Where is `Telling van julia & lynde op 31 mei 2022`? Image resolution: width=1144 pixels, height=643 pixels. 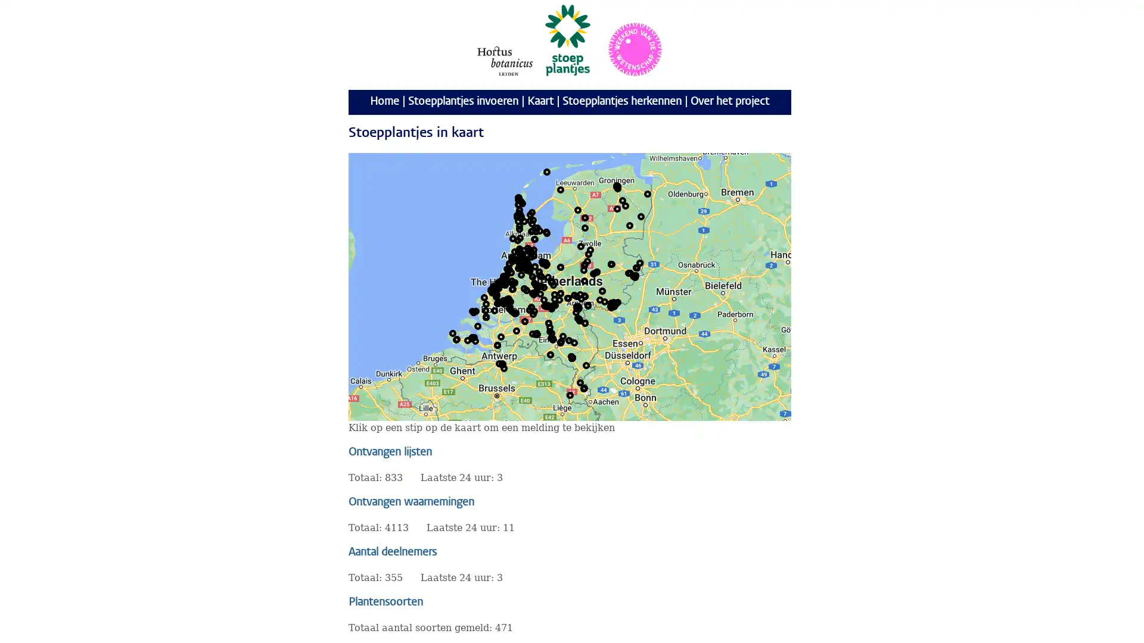 Telling van julia & lynde op 31 mei 2022 is located at coordinates (486, 316).